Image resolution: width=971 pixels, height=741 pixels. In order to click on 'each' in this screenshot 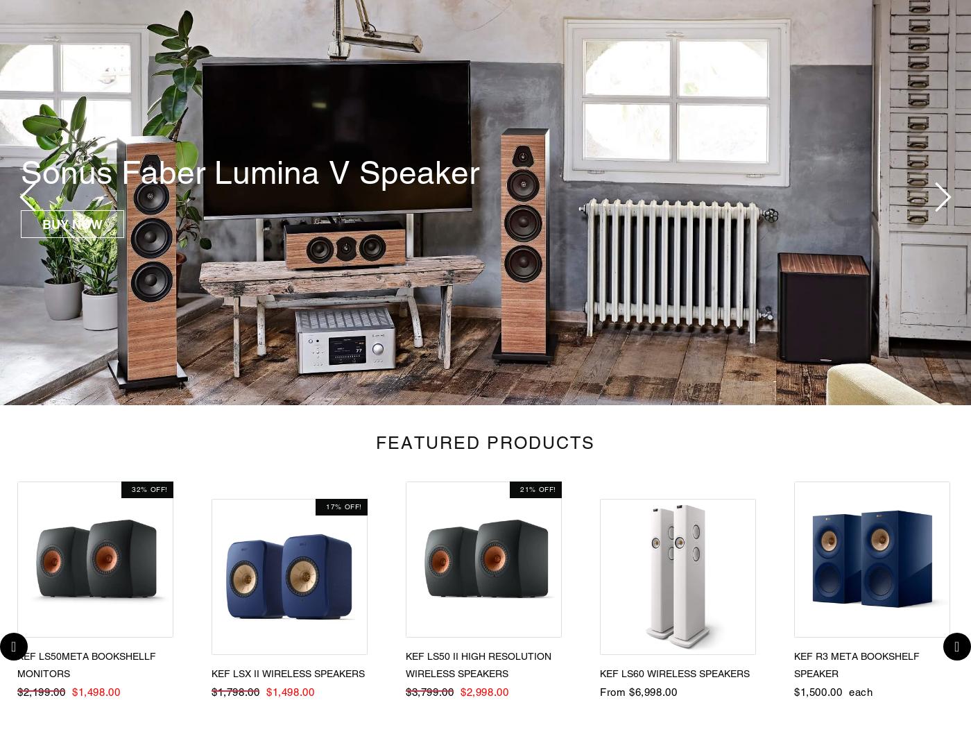, I will do `click(859, 692)`.